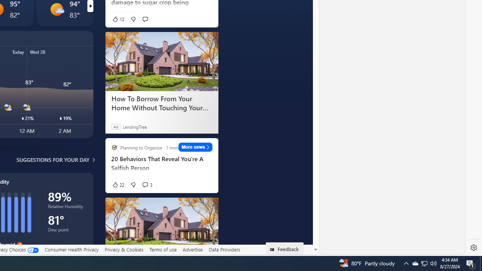 This screenshot has height=271, width=482. Describe the element at coordinates (162, 249) in the screenshot. I see `'Terms of use'` at that location.